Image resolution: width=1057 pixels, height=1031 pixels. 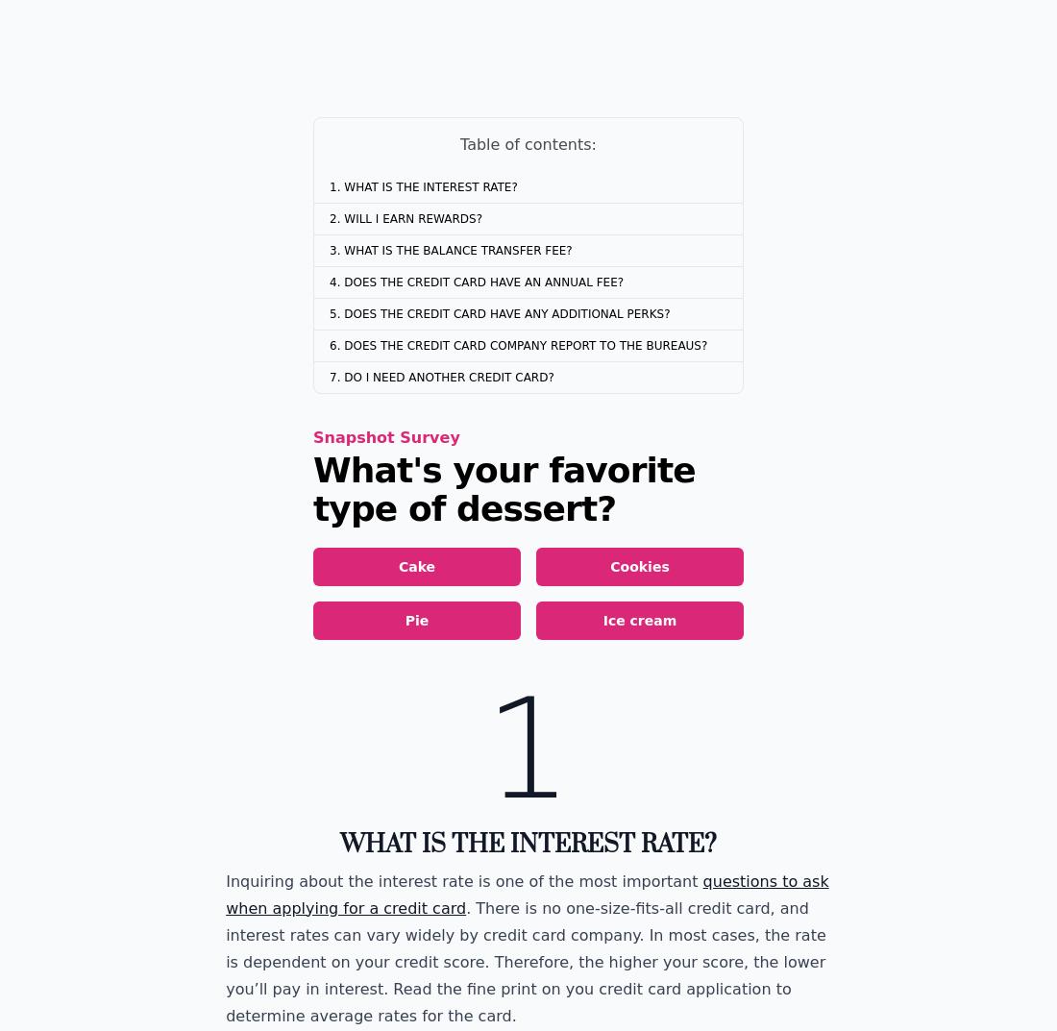 I want to click on 'Snapshot Survey', so click(x=386, y=437).